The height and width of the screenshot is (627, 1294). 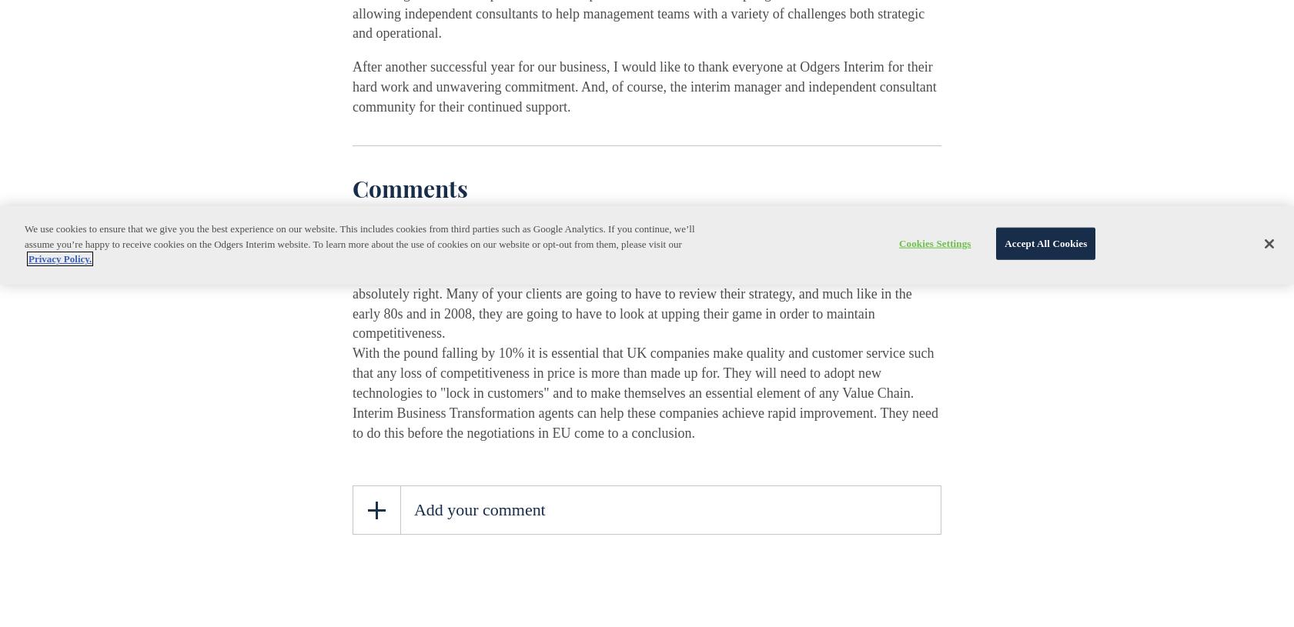 I want to click on 'With the pound falling by 10% it is essential that UK companies make quality and customer service such that any loss of competitiveness in price is more than made up for.  They will need to adopt new technologies to "lock in customers" and to make themselves an essential element of any Value Chain.', so click(x=642, y=373).